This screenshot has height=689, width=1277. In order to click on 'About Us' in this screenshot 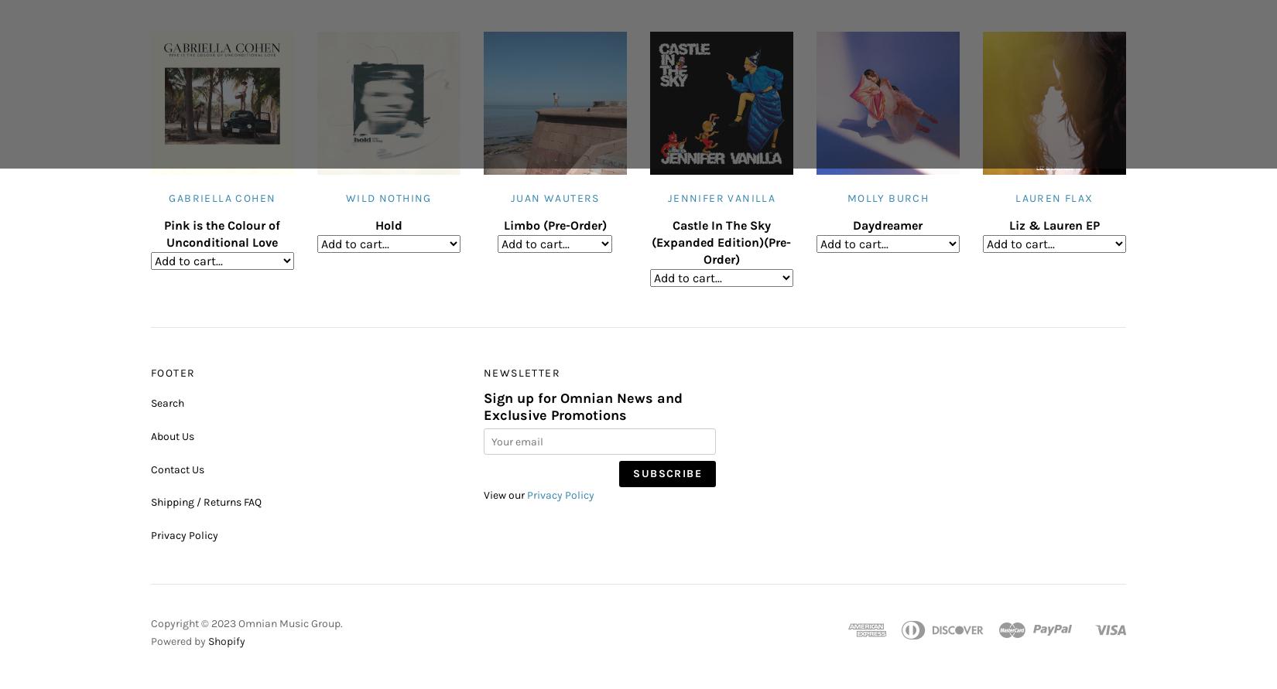, I will do `click(173, 435)`.